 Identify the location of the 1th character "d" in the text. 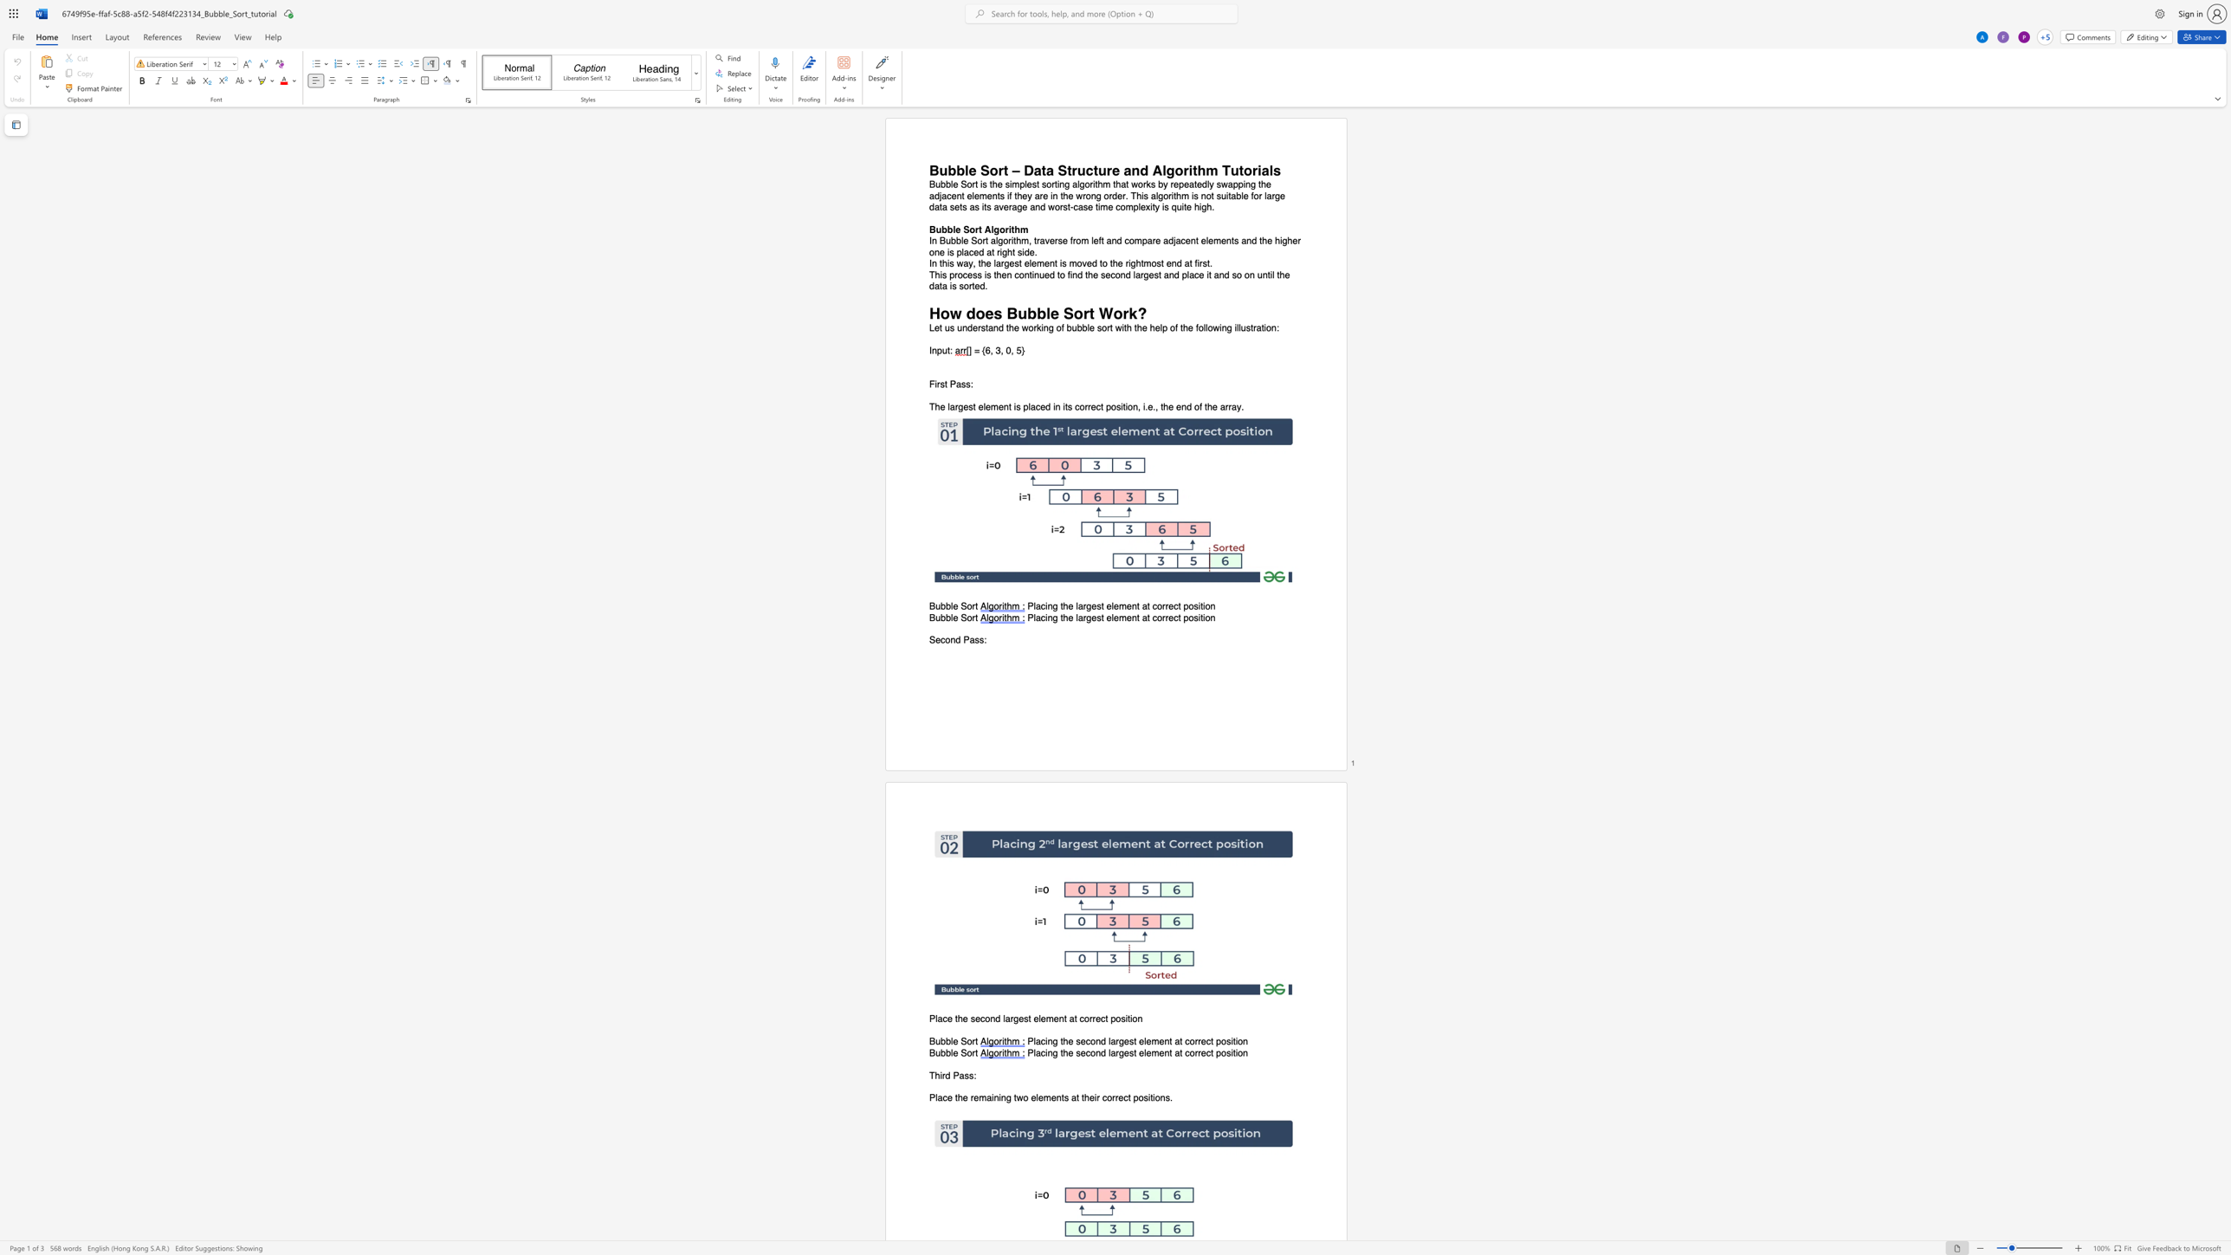
(970, 313).